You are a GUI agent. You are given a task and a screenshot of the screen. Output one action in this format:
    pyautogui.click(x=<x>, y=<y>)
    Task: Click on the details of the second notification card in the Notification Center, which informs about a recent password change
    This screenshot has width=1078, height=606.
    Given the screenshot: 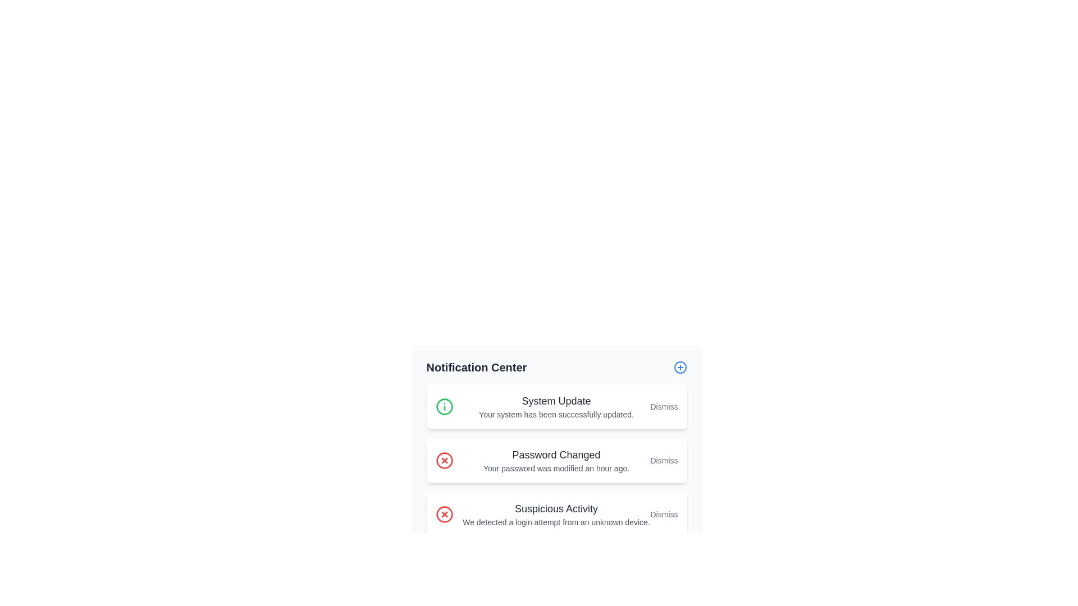 What is the action you would take?
    pyautogui.click(x=556, y=461)
    